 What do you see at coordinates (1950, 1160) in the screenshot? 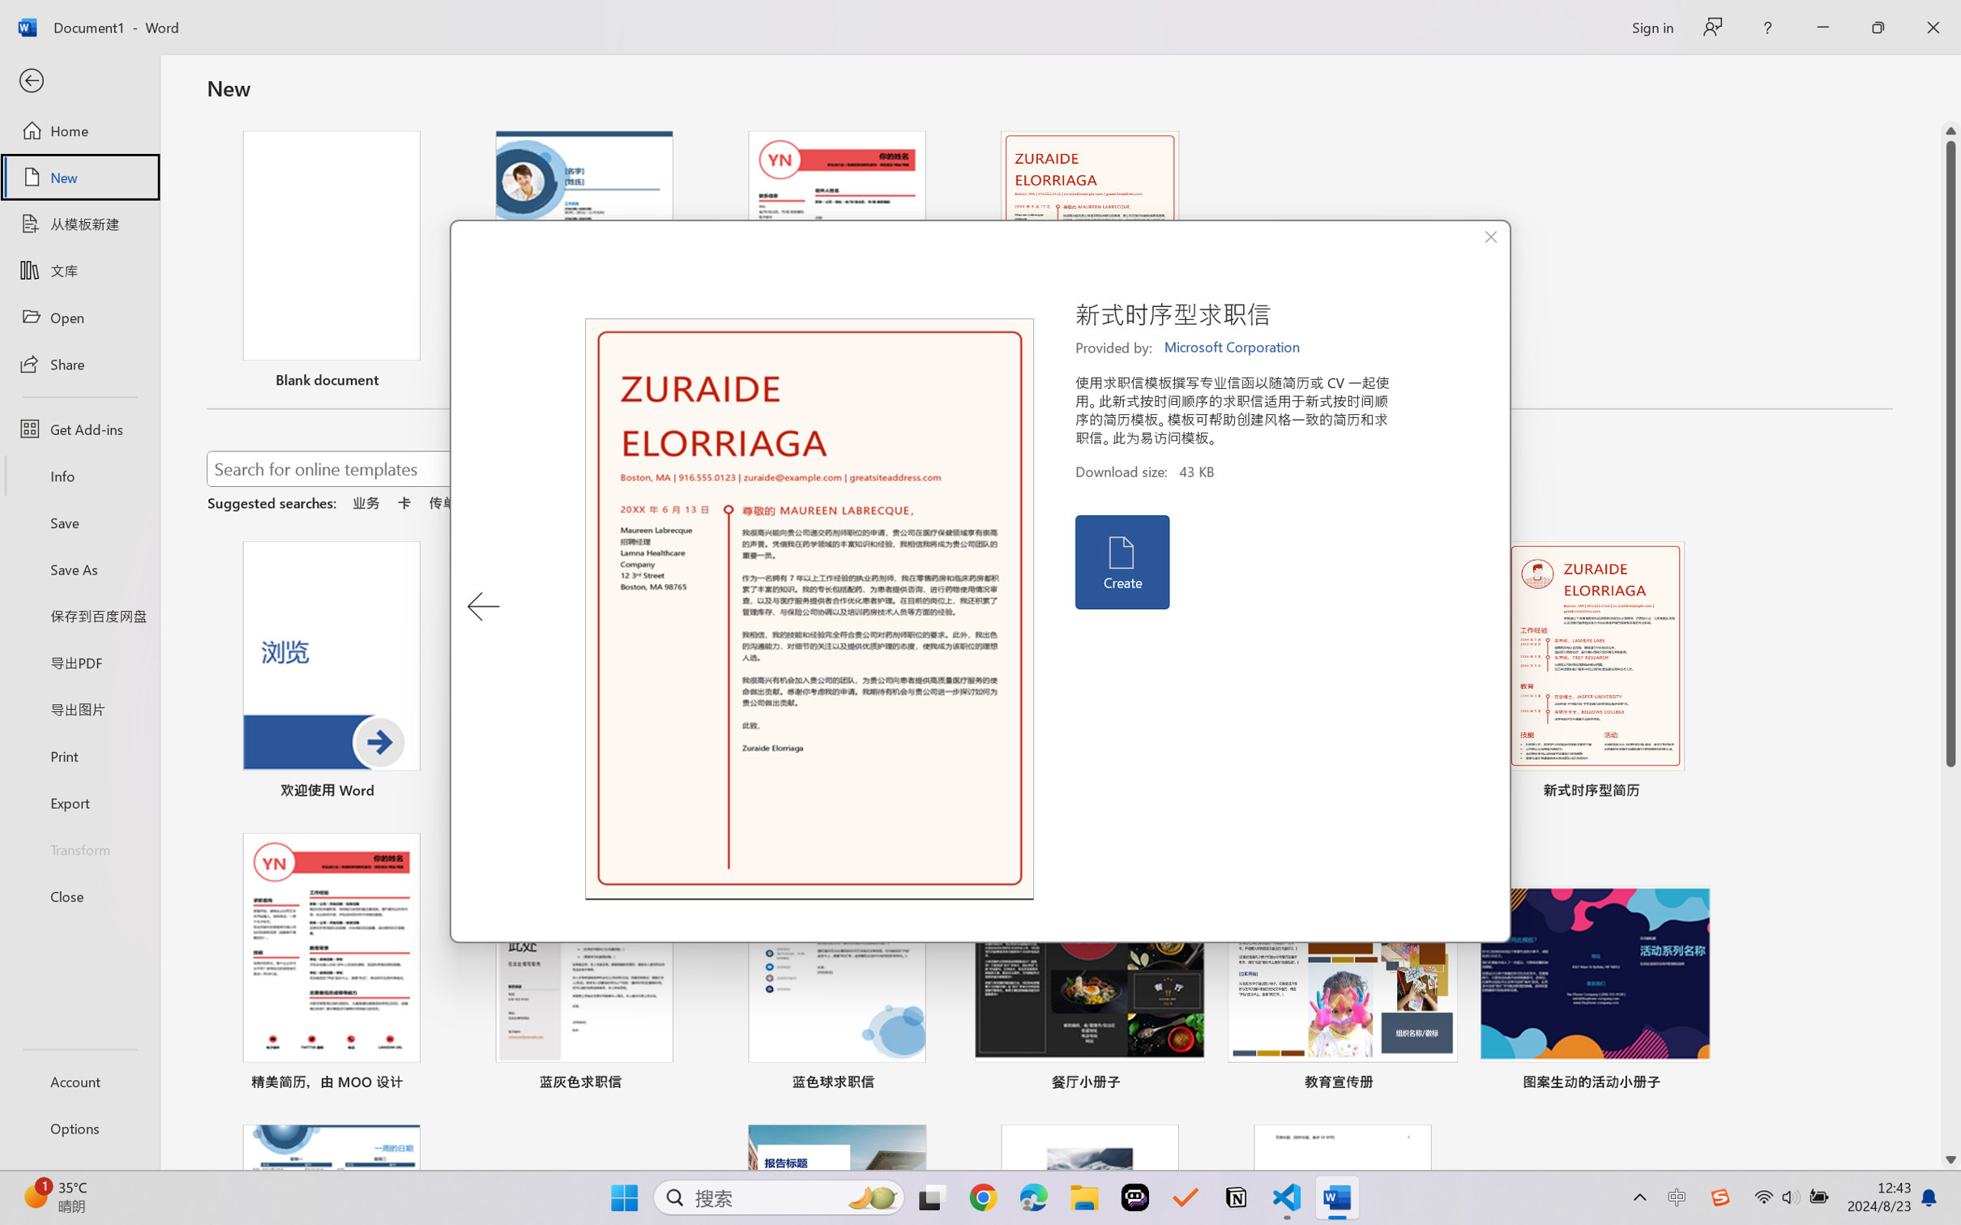
I see `'Line down'` at bounding box center [1950, 1160].